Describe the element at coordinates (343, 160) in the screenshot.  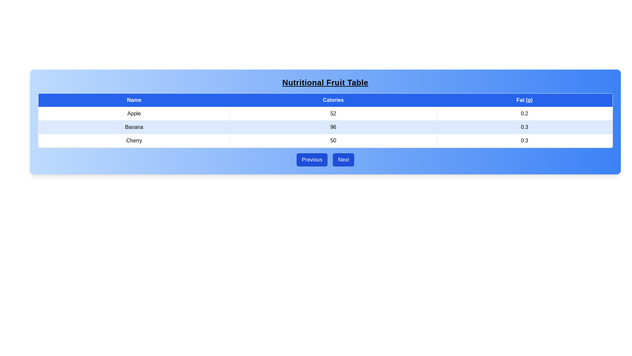
I see `the button located at the bottom-right corner beneath the table, which changes color when hovered over` at that location.